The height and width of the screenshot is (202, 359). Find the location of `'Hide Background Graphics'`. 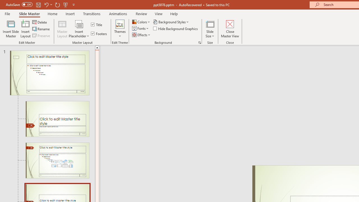

'Hide Background Graphics' is located at coordinates (176, 28).